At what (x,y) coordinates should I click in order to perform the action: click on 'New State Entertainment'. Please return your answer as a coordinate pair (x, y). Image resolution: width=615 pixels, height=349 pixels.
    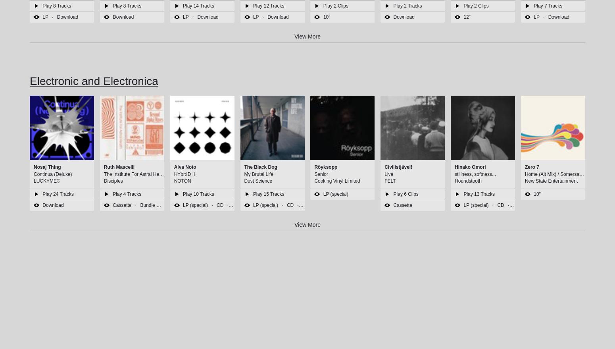
    Looking at the image, I should click on (551, 180).